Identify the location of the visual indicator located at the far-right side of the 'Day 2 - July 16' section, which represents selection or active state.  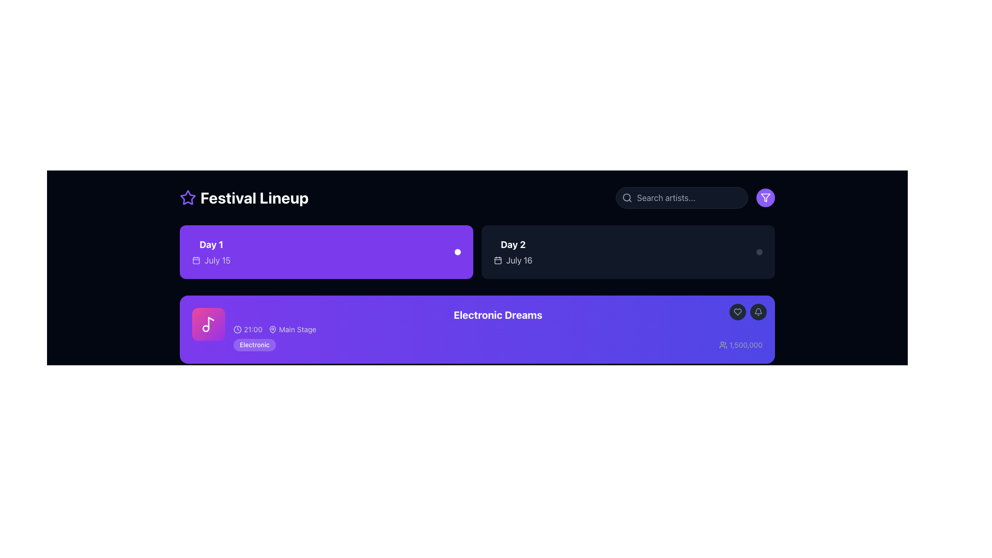
(759, 252).